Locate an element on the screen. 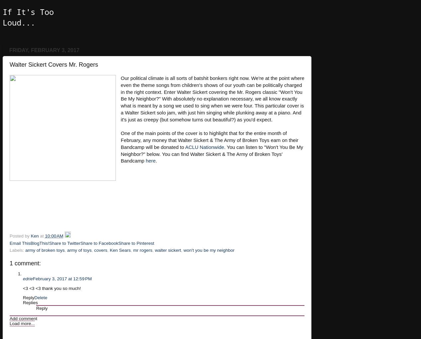 The width and height of the screenshot is (421, 339). 'Posted by' is located at coordinates (20, 236).